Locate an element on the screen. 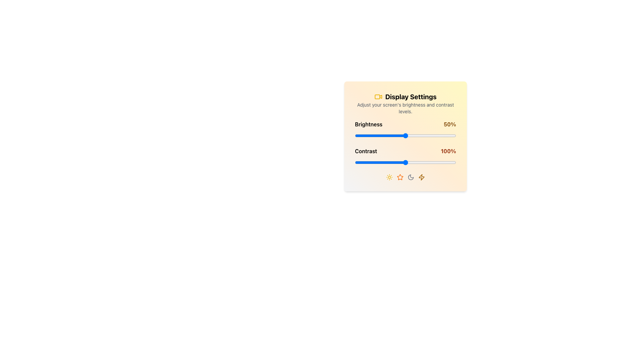  the brightness is located at coordinates (423, 136).